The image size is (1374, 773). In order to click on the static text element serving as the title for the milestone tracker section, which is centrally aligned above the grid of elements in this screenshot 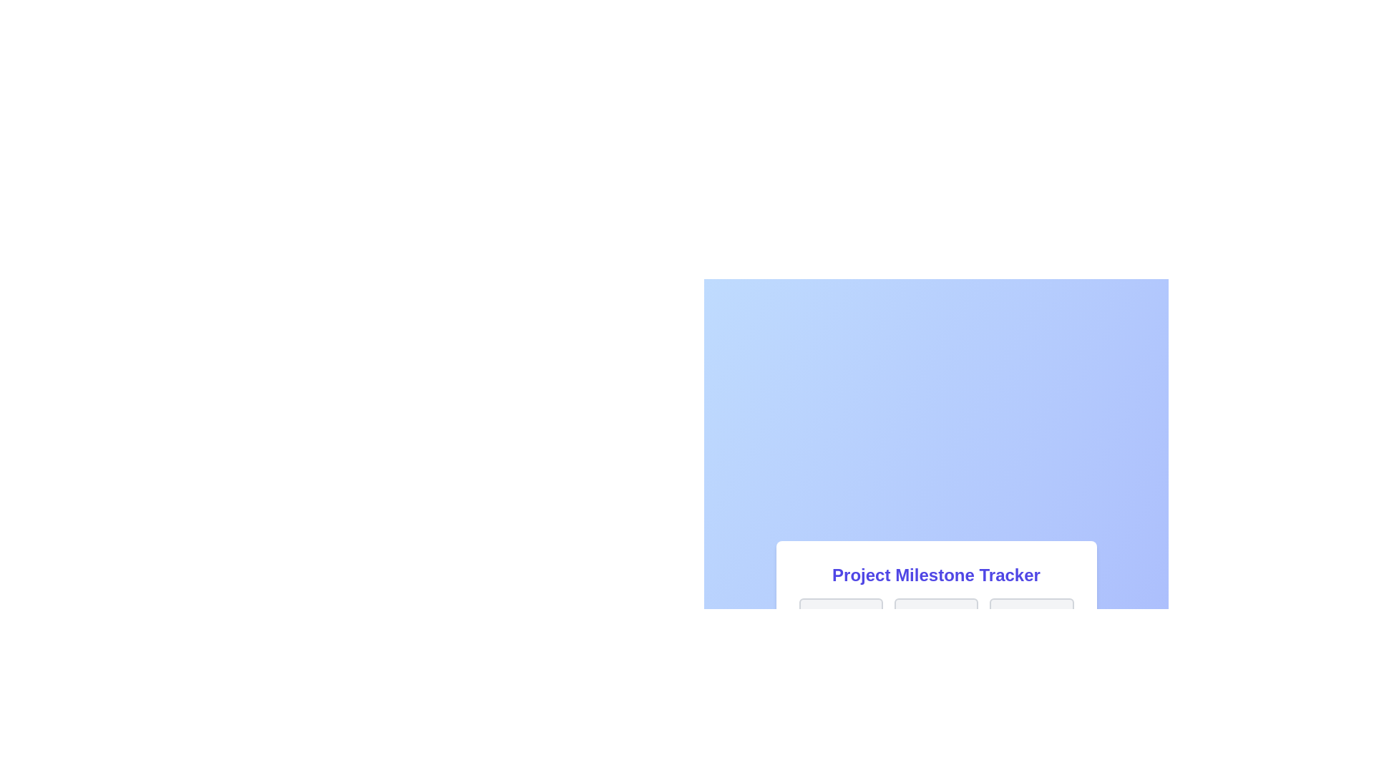, I will do `click(936, 574)`.